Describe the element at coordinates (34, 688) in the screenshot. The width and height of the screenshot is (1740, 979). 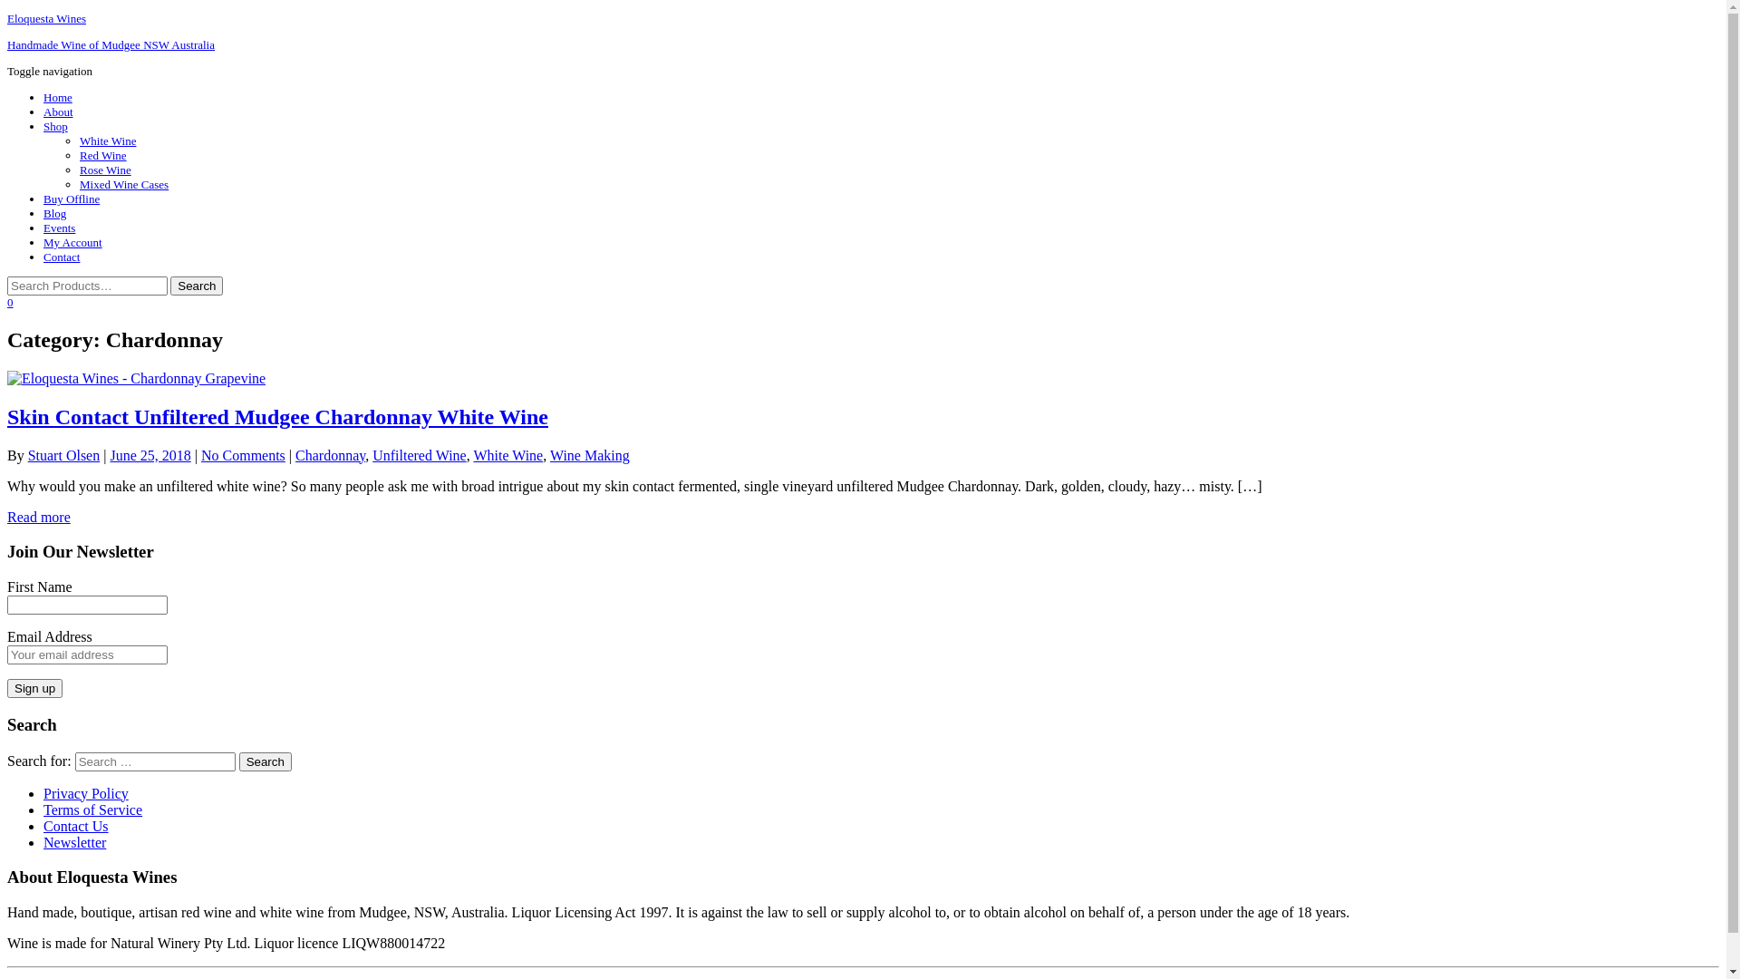
I see `'Sign up'` at that location.